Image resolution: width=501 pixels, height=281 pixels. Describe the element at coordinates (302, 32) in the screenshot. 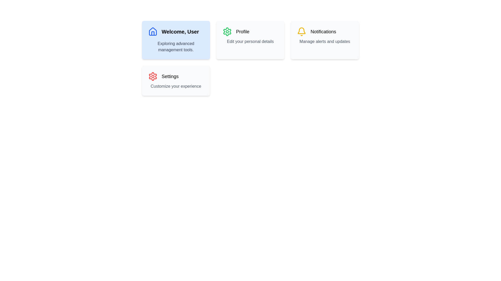

I see `the bell-shaped notification icon, which is yellow and located on the left side of the Notifications section` at that location.